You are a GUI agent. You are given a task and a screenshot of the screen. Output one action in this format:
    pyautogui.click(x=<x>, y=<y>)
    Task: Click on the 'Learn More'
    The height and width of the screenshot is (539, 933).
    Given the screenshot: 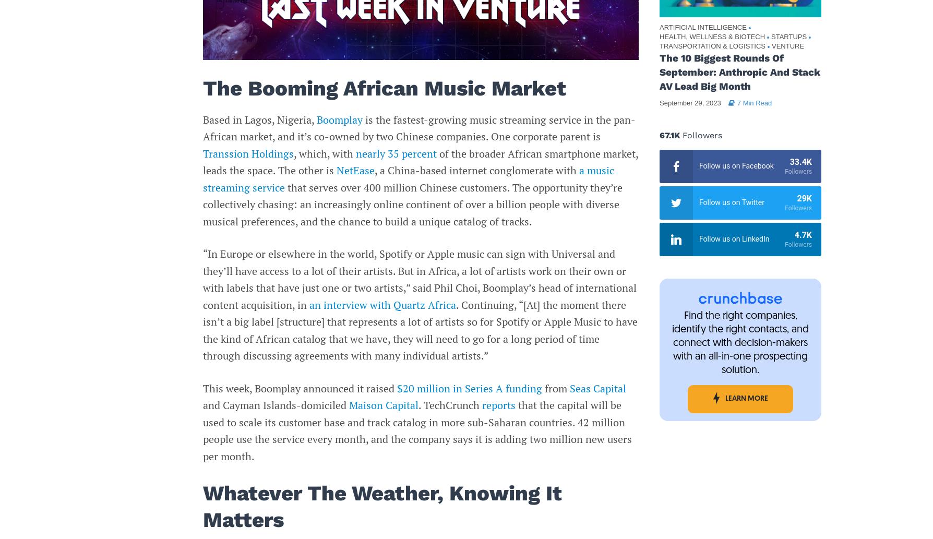 What is the action you would take?
    pyautogui.click(x=725, y=398)
    